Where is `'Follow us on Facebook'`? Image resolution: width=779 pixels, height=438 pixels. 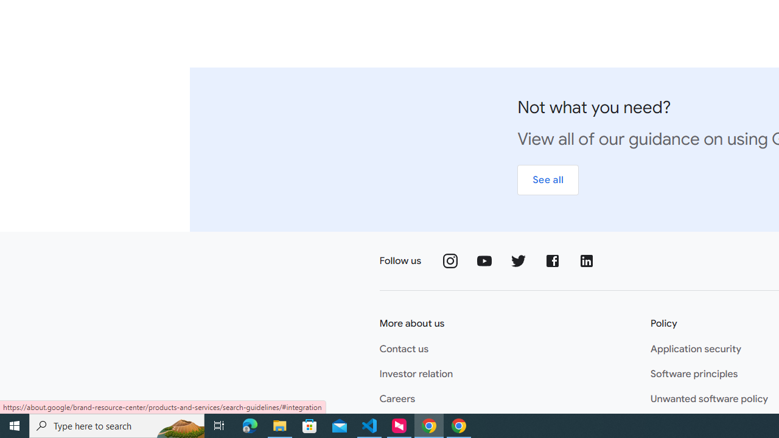 'Follow us on Facebook' is located at coordinates (552, 260).